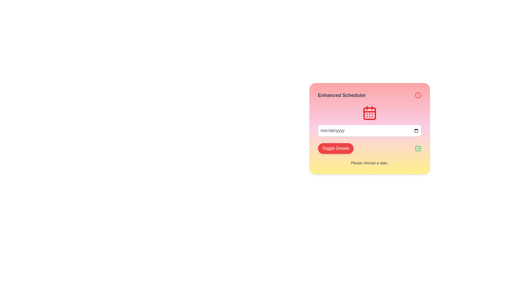 This screenshot has height=290, width=517. What do you see at coordinates (335, 148) in the screenshot?
I see `the red button labeled 'Toggle Details', which is centrally located below the date input field and above the informational text` at bounding box center [335, 148].